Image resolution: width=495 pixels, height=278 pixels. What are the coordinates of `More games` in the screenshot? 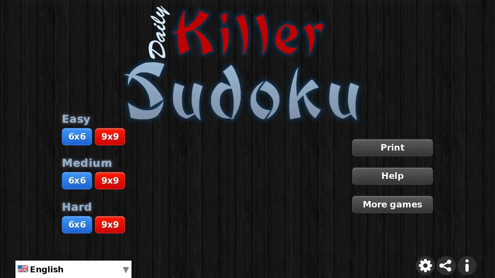 It's located at (392, 204).